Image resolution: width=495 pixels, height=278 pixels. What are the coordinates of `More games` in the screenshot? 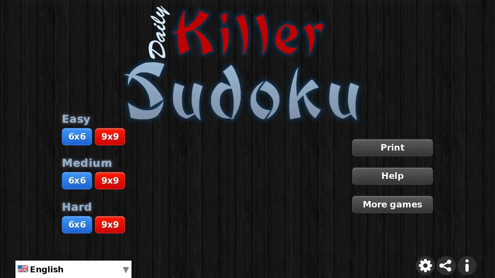 It's located at (392, 204).